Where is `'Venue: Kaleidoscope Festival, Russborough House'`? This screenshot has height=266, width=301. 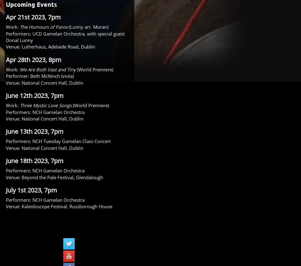 'Venue: Kaleidoscope Festival, Russborough House' is located at coordinates (59, 206).